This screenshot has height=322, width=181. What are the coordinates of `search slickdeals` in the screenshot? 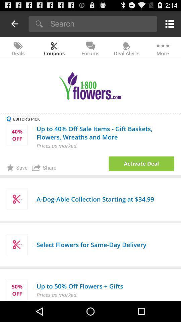 It's located at (101, 23).